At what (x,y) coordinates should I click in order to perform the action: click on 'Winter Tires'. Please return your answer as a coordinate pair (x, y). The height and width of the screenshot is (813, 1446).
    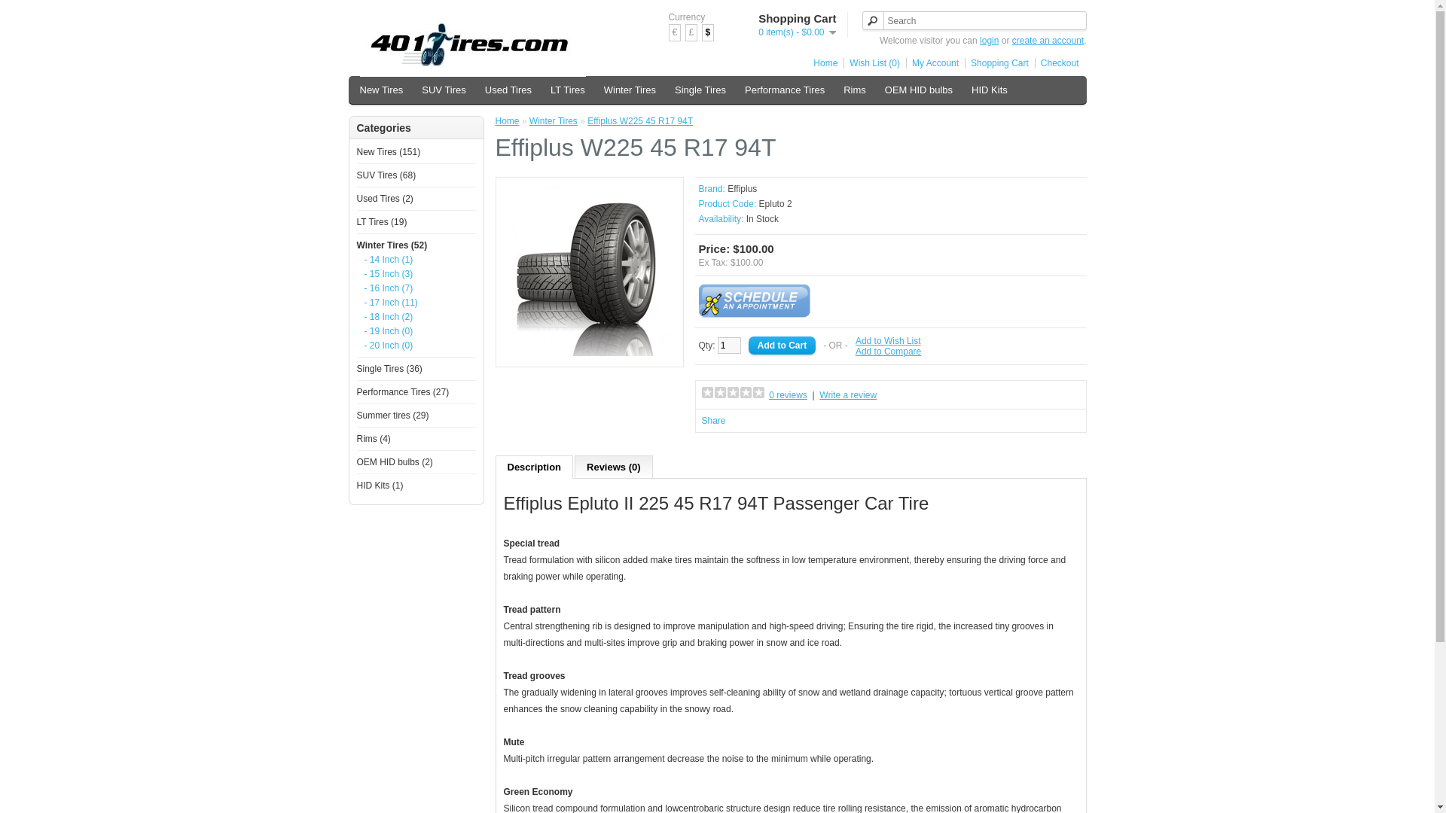
    Looking at the image, I should click on (596, 90).